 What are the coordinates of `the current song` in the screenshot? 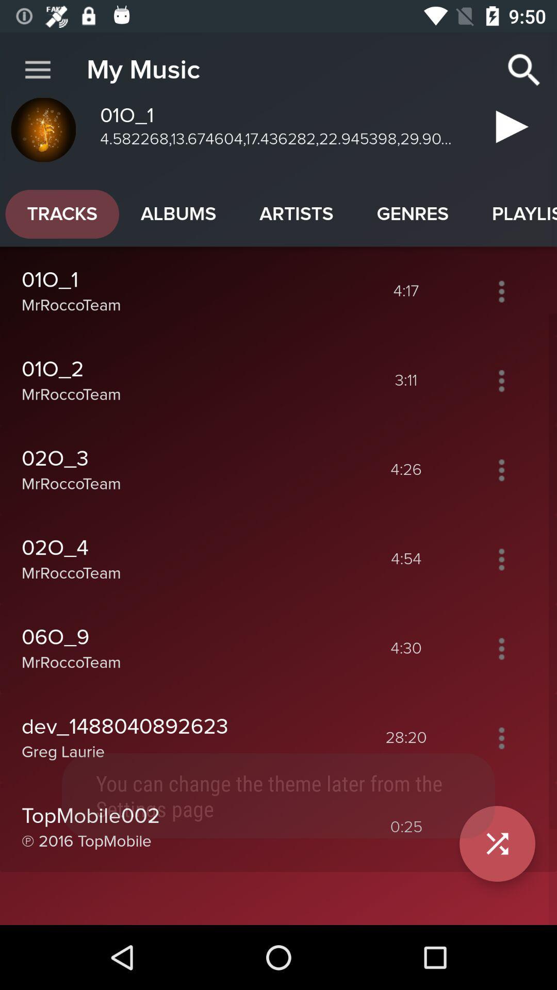 It's located at (507, 130).